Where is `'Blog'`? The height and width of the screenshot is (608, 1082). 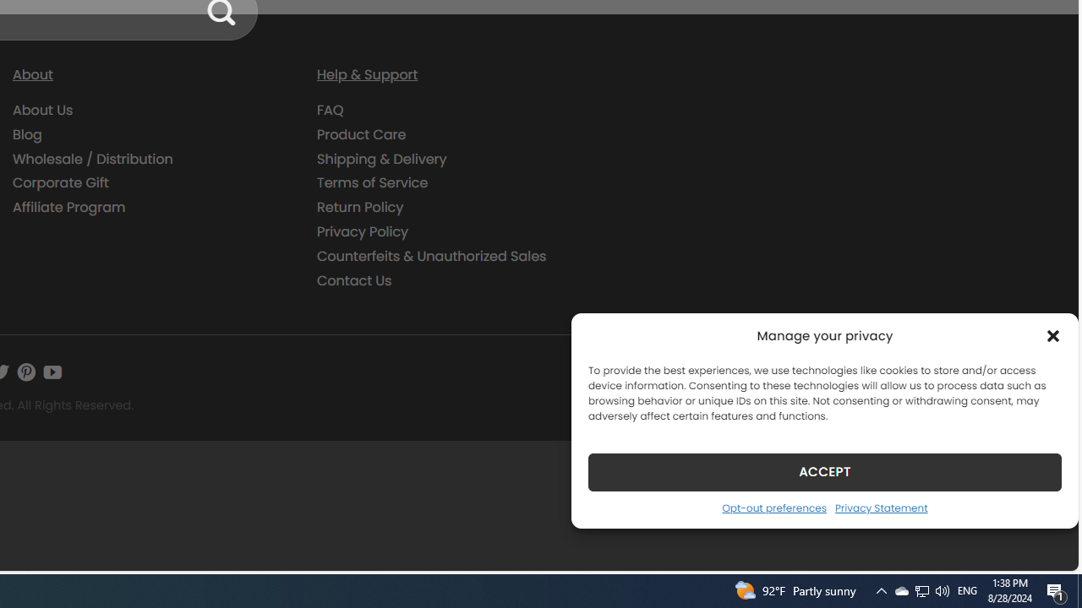 'Blog' is located at coordinates (27, 133).